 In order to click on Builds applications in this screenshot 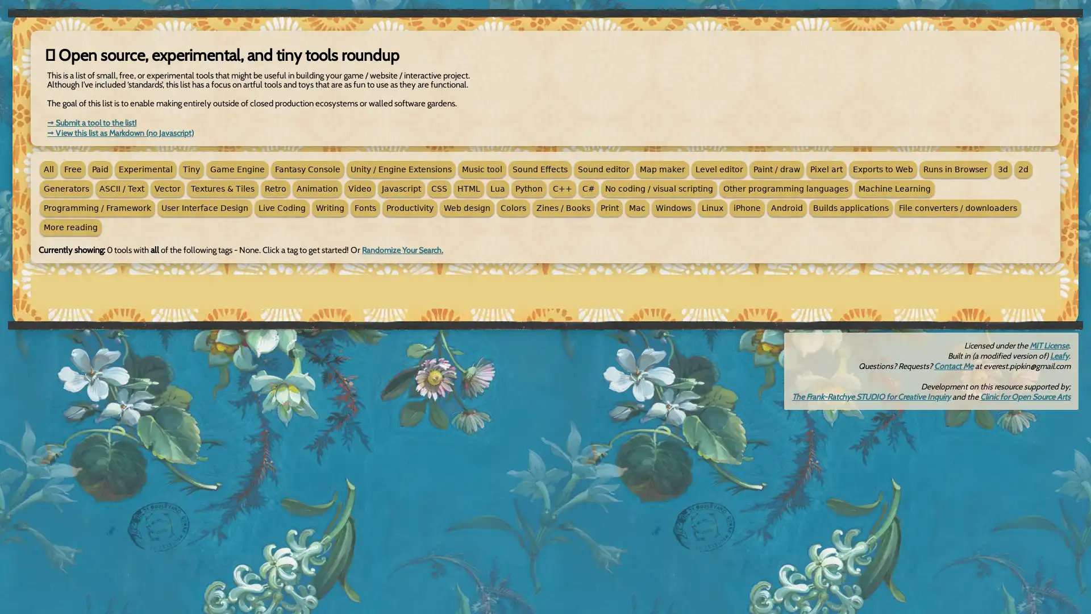, I will do `click(851, 208)`.